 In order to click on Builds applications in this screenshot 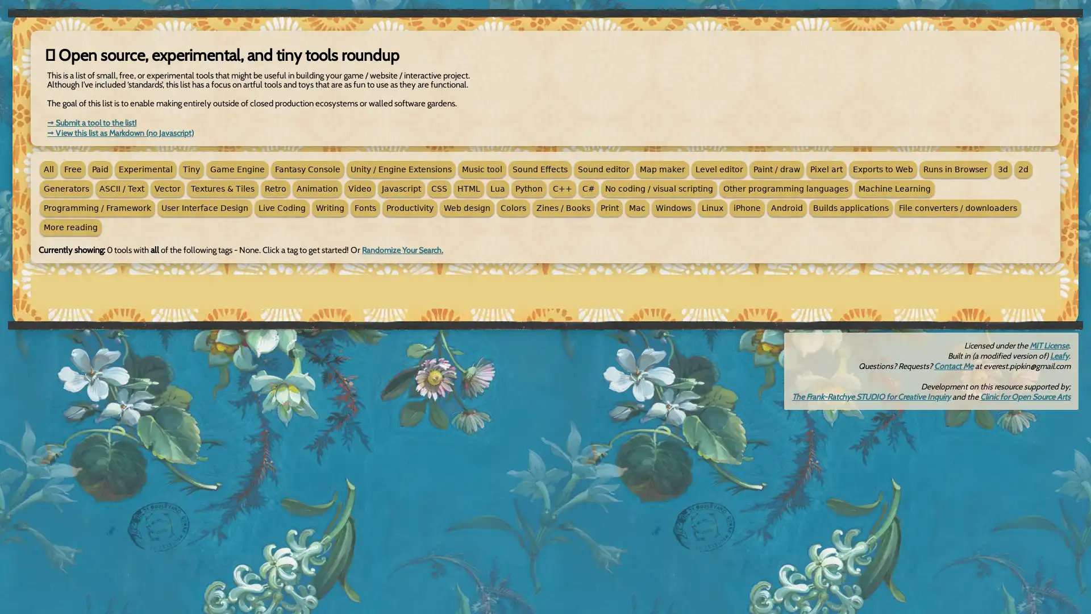, I will do `click(851, 208)`.